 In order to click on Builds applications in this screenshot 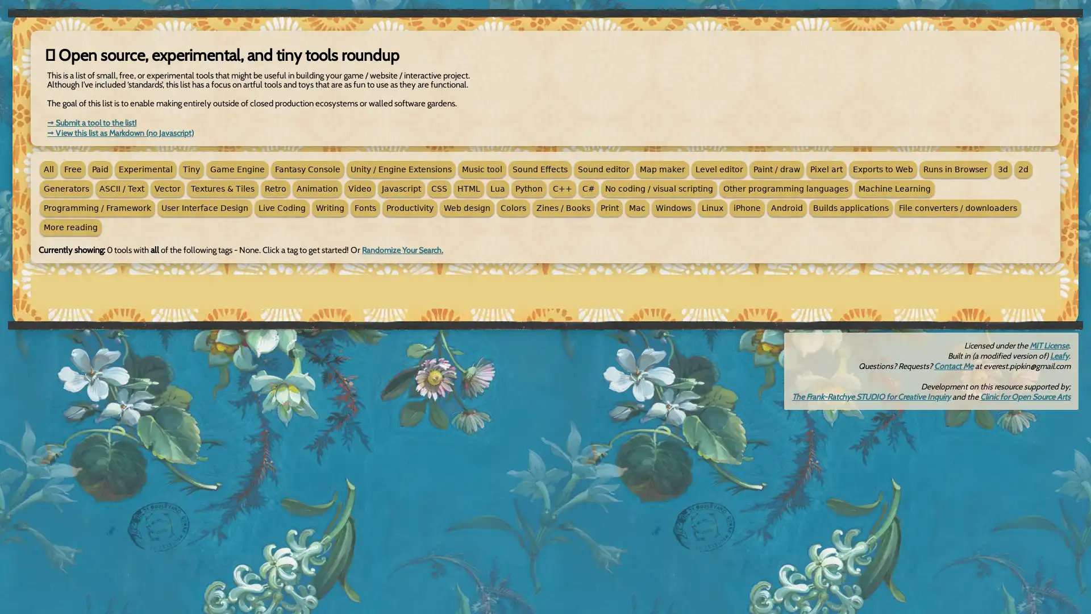, I will do `click(851, 208)`.